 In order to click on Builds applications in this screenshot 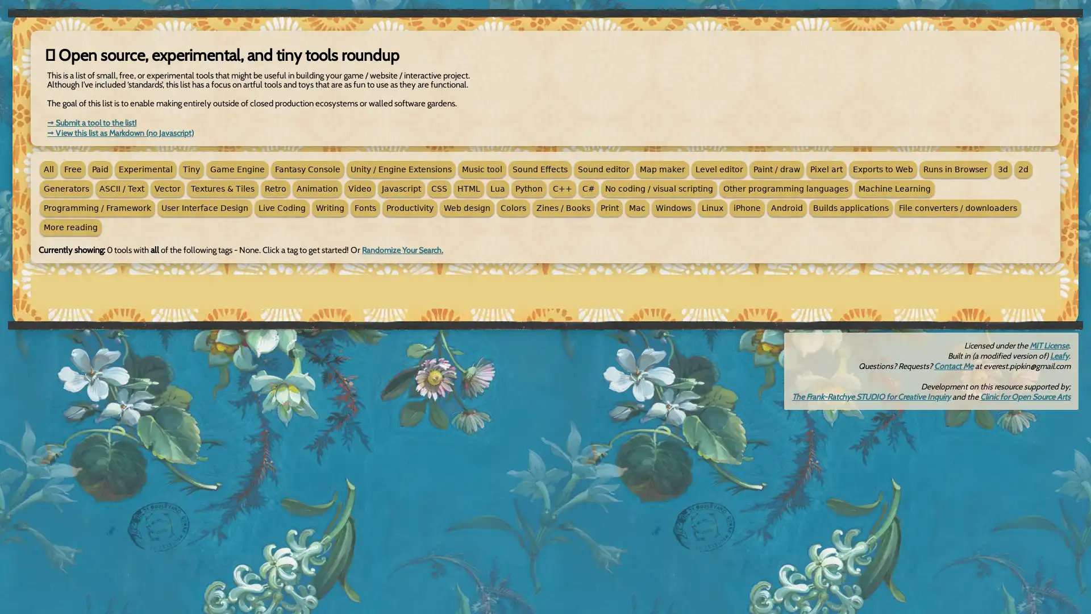, I will do `click(851, 208)`.